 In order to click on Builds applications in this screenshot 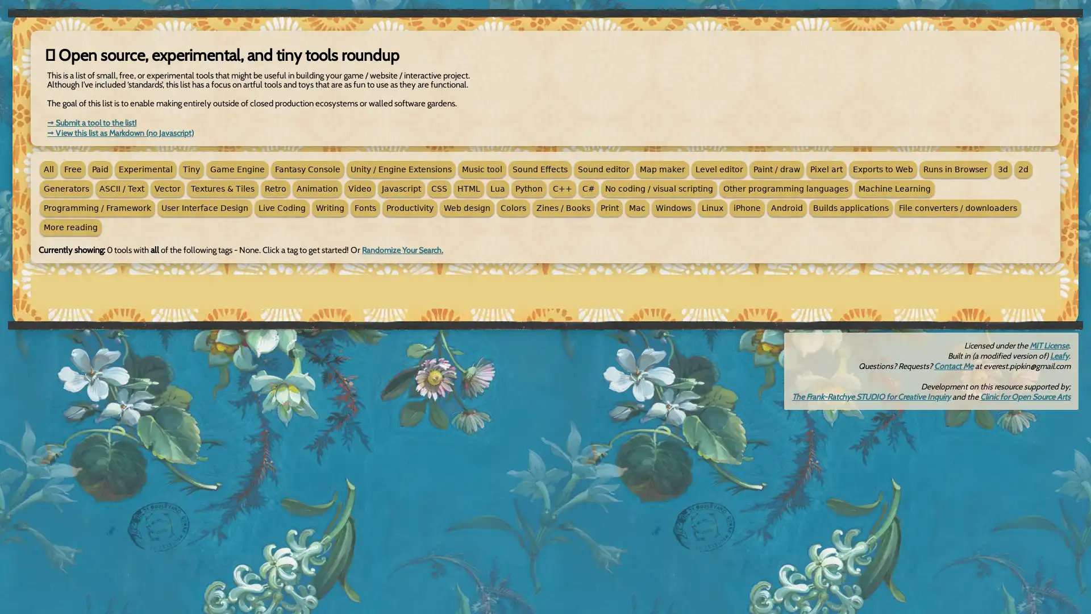, I will do `click(851, 208)`.